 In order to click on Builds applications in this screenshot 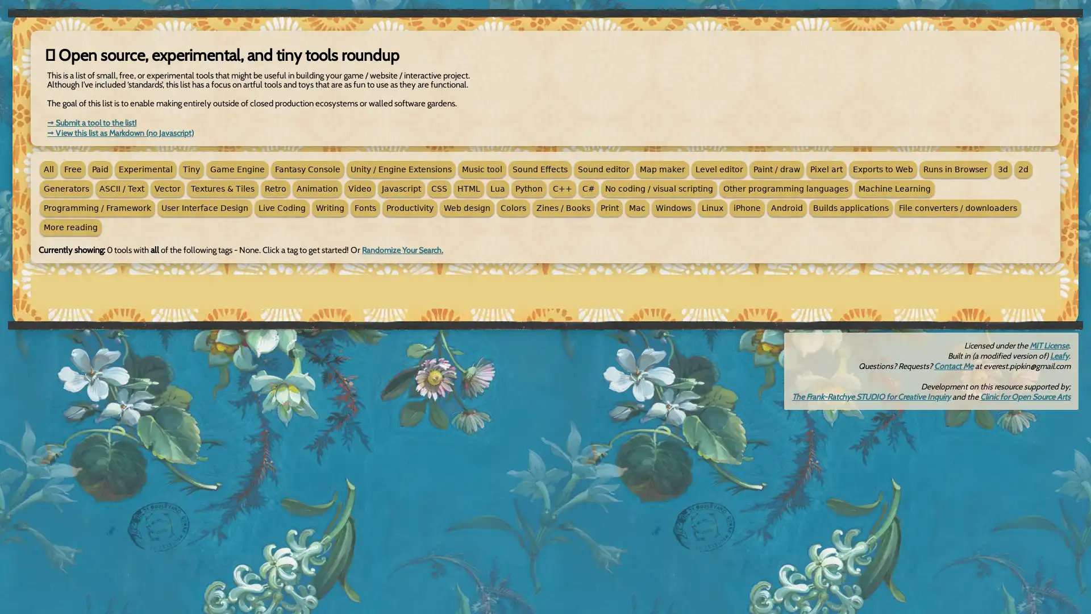, I will do `click(851, 208)`.